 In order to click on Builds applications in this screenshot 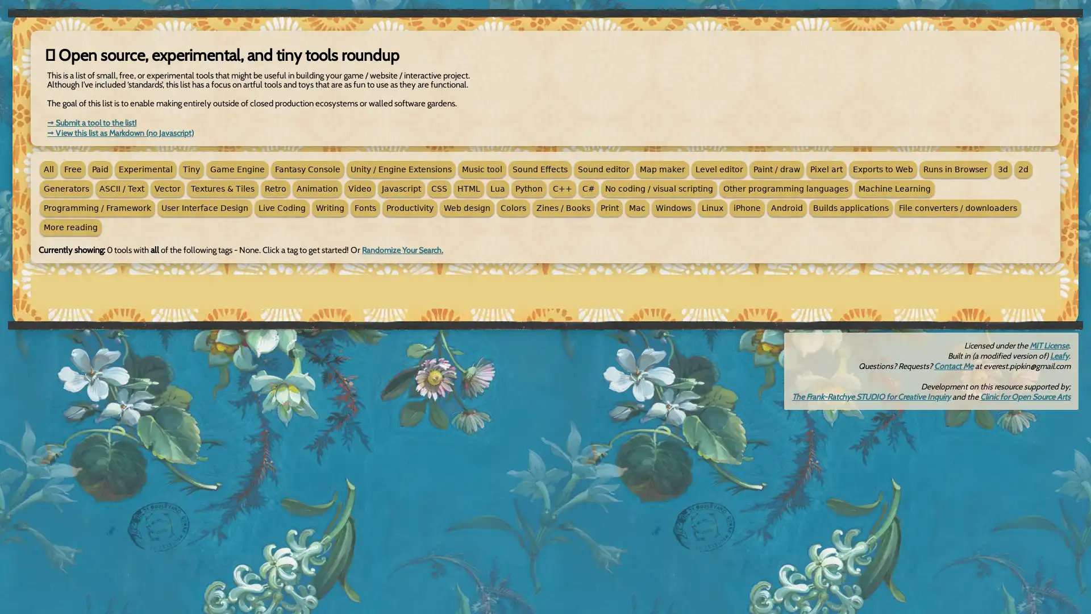, I will do `click(851, 208)`.